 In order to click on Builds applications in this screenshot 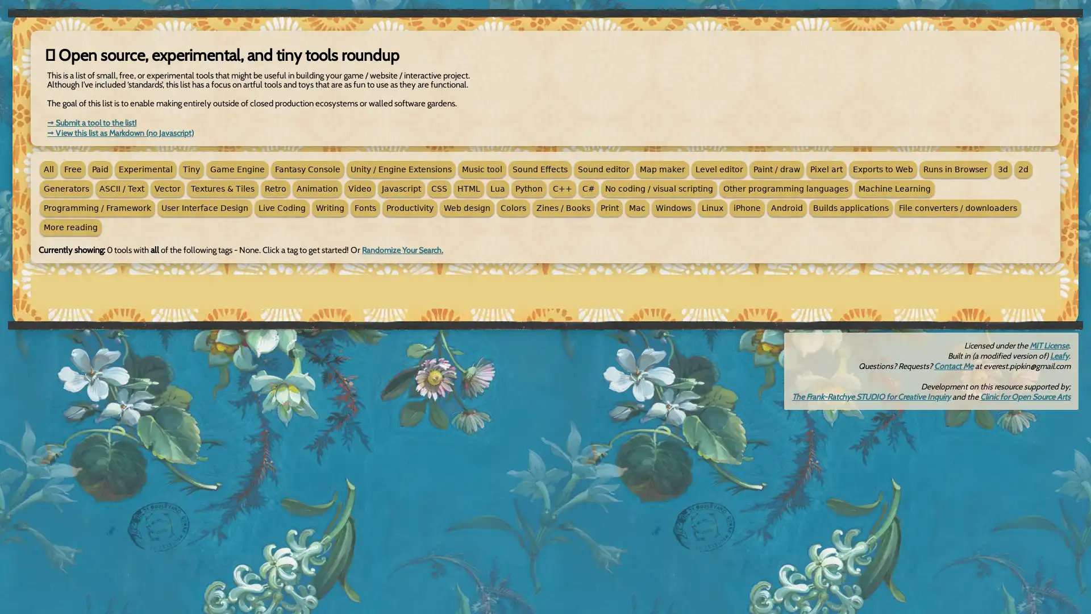, I will do `click(851, 208)`.